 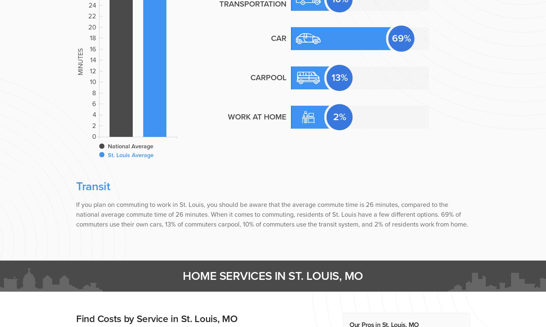 I want to click on 'If you plan on commuting to work in St. Louis, you should be aware that the average commute time is 26 minutes, compared to the national average commute time of 26 minutes. When it comes to commuting, residents of St. Louis have a few different options. 69% of commuters use their own cars, 13% of commuters carpool, 10% of commuters use the transit system, and 2% of residents work from home.', so click(x=272, y=214).